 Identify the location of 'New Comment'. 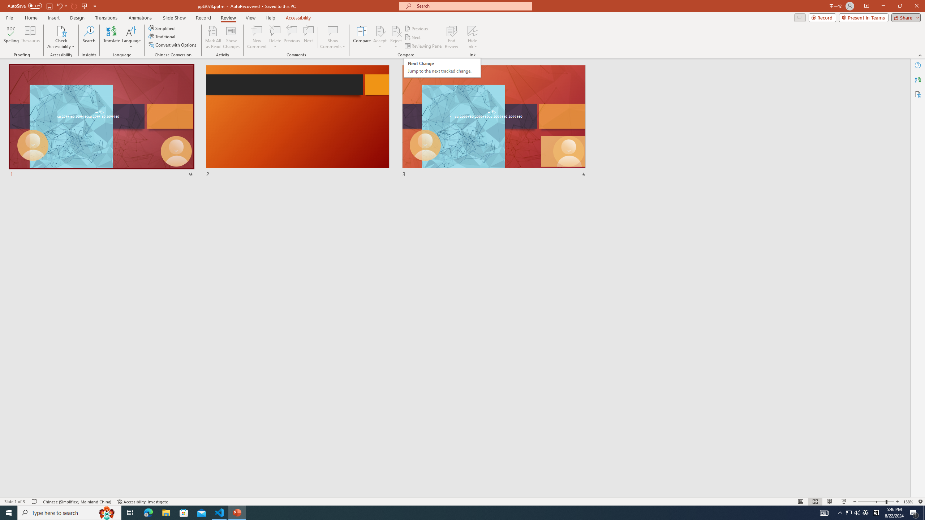
(256, 37).